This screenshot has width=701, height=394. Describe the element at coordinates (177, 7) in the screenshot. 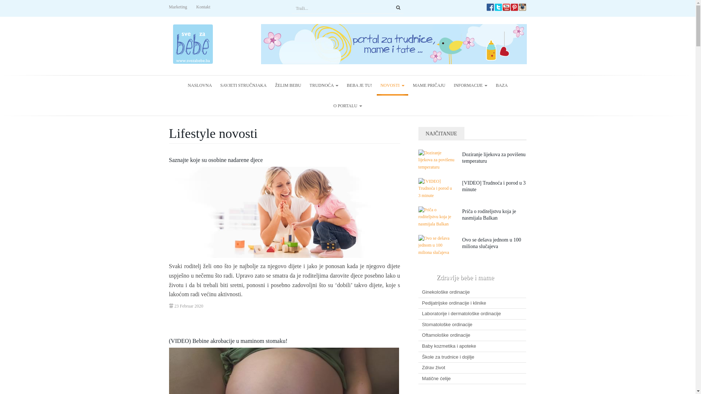

I see `'Marketing'` at that location.